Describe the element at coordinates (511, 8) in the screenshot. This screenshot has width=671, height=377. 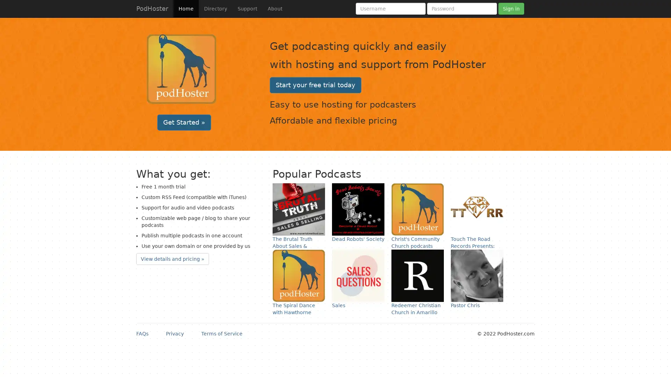
I see `Sign in` at that location.